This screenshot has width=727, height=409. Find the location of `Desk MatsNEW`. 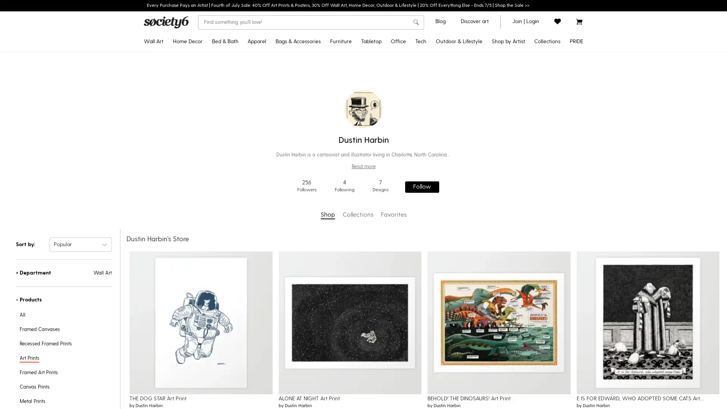

Desk MatsNEW is located at coordinates (417, 61).